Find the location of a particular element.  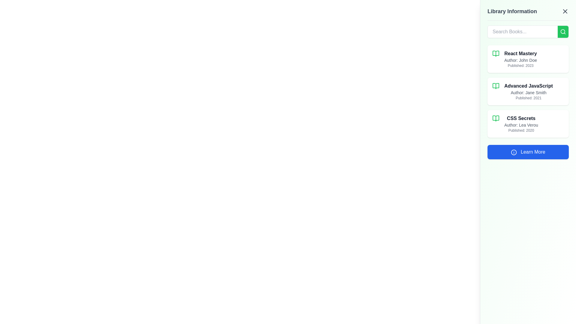

the text block titled 'Advanced JavaScript', which is styled in bold and dark gray text, to interact with adjacent elements in the sidebar is located at coordinates (528, 91).